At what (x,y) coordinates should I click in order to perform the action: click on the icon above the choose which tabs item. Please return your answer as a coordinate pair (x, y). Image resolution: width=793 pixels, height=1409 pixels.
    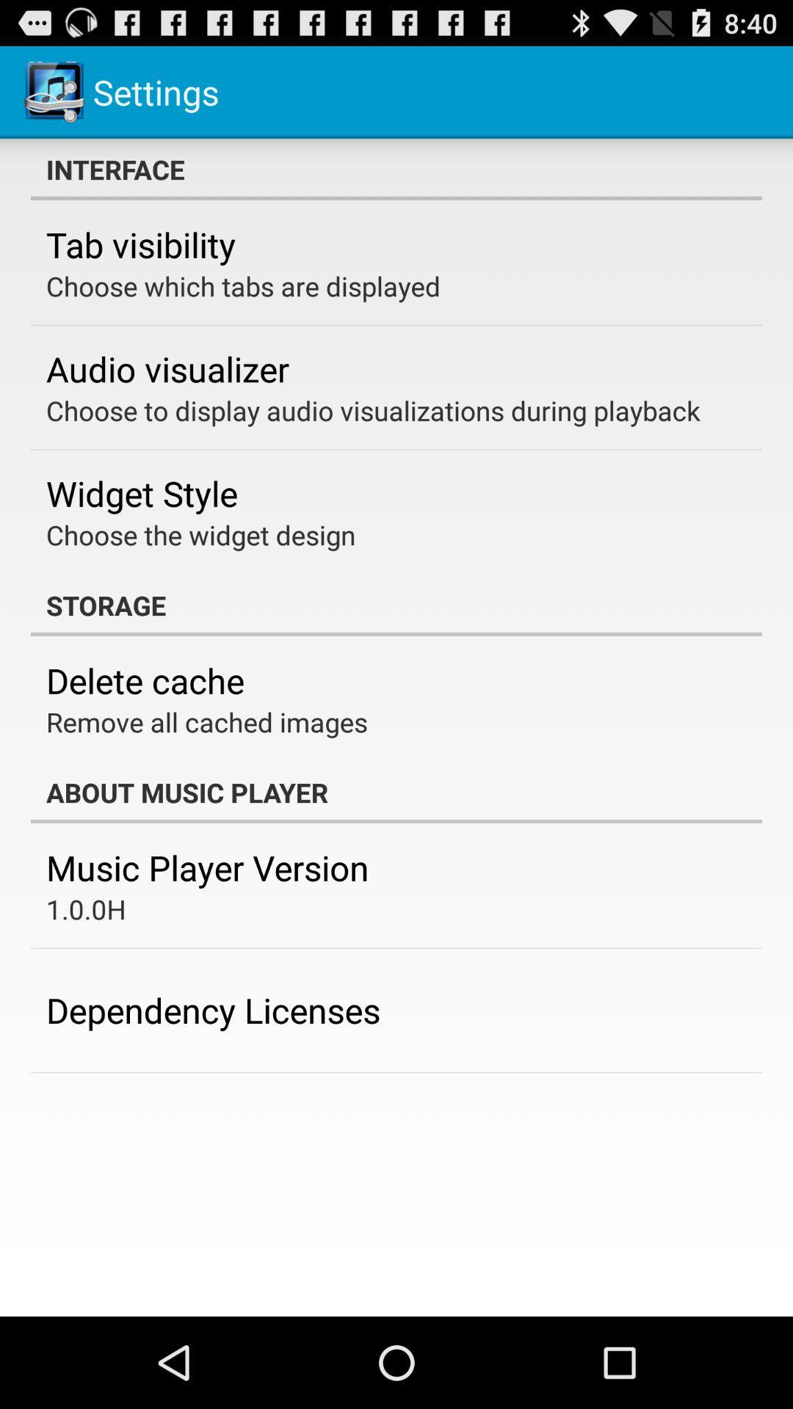
    Looking at the image, I should click on (141, 244).